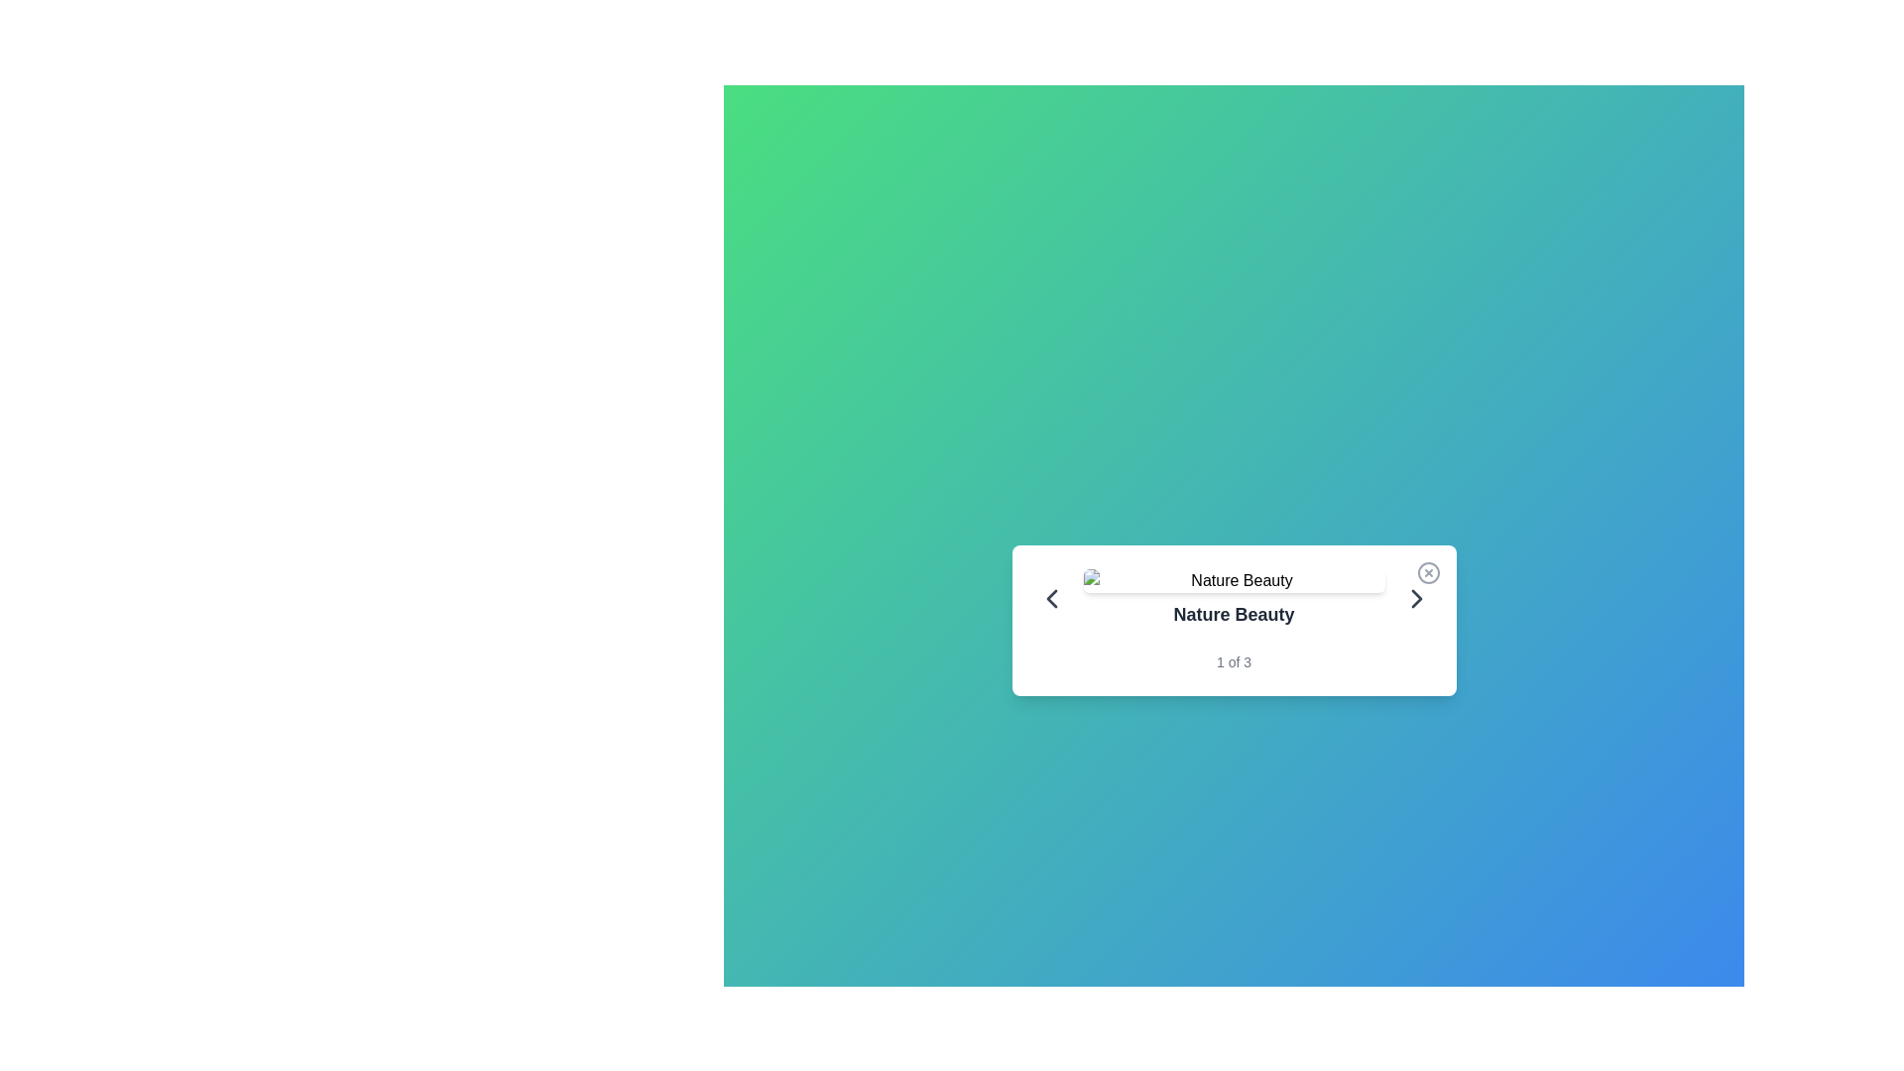  Describe the element at coordinates (1233, 598) in the screenshot. I see `the static text label displaying 'Nature Beauty', which is a prominent title under an image, located in the center of the interface` at that location.